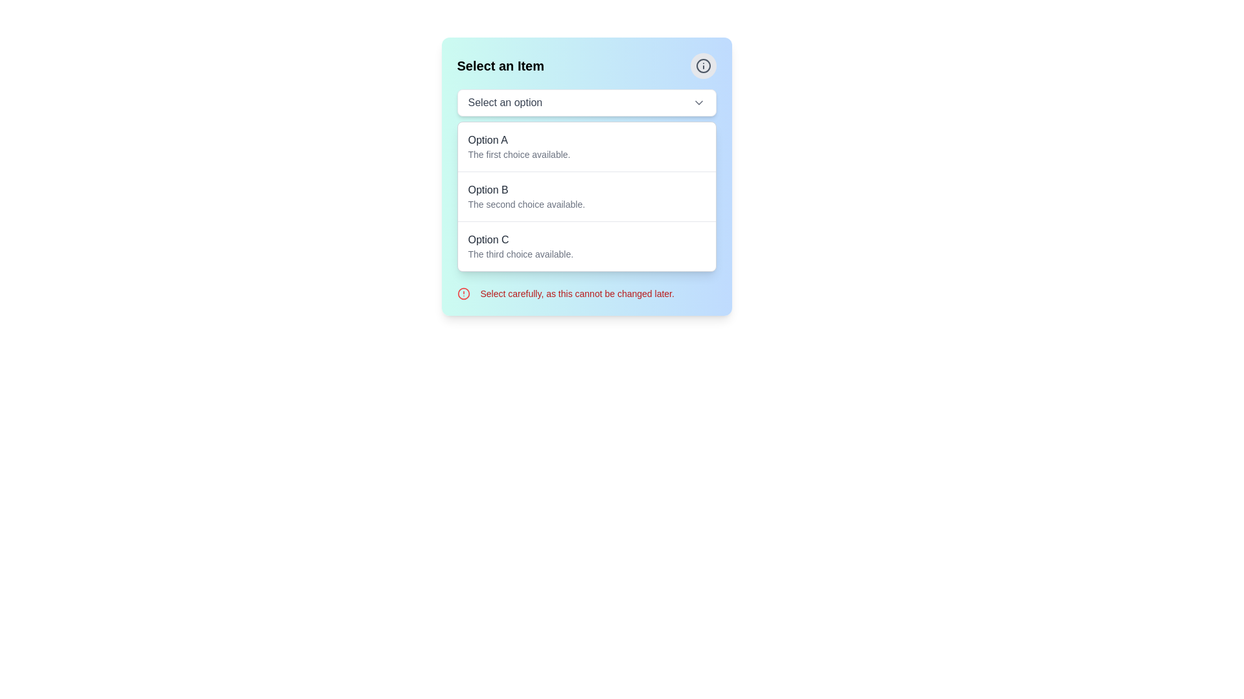 Image resolution: width=1244 pixels, height=699 pixels. What do you see at coordinates (487, 239) in the screenshot?
I see `the text label displaying 'Option C', which is styled in dark gray and is part of a selection interface within a dropdown menu` at bounding box center [487, 239].